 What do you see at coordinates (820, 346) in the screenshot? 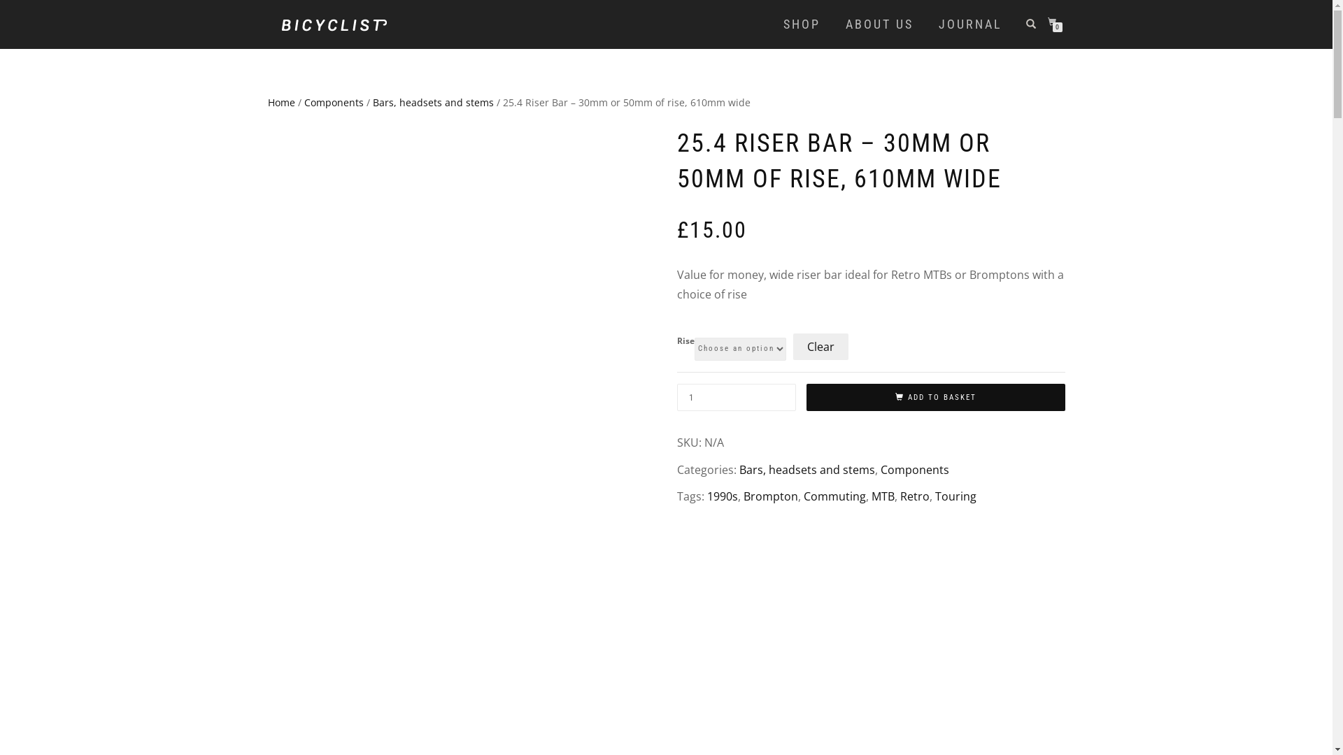
I see `'Clear'` at bounding box center [820, 346].